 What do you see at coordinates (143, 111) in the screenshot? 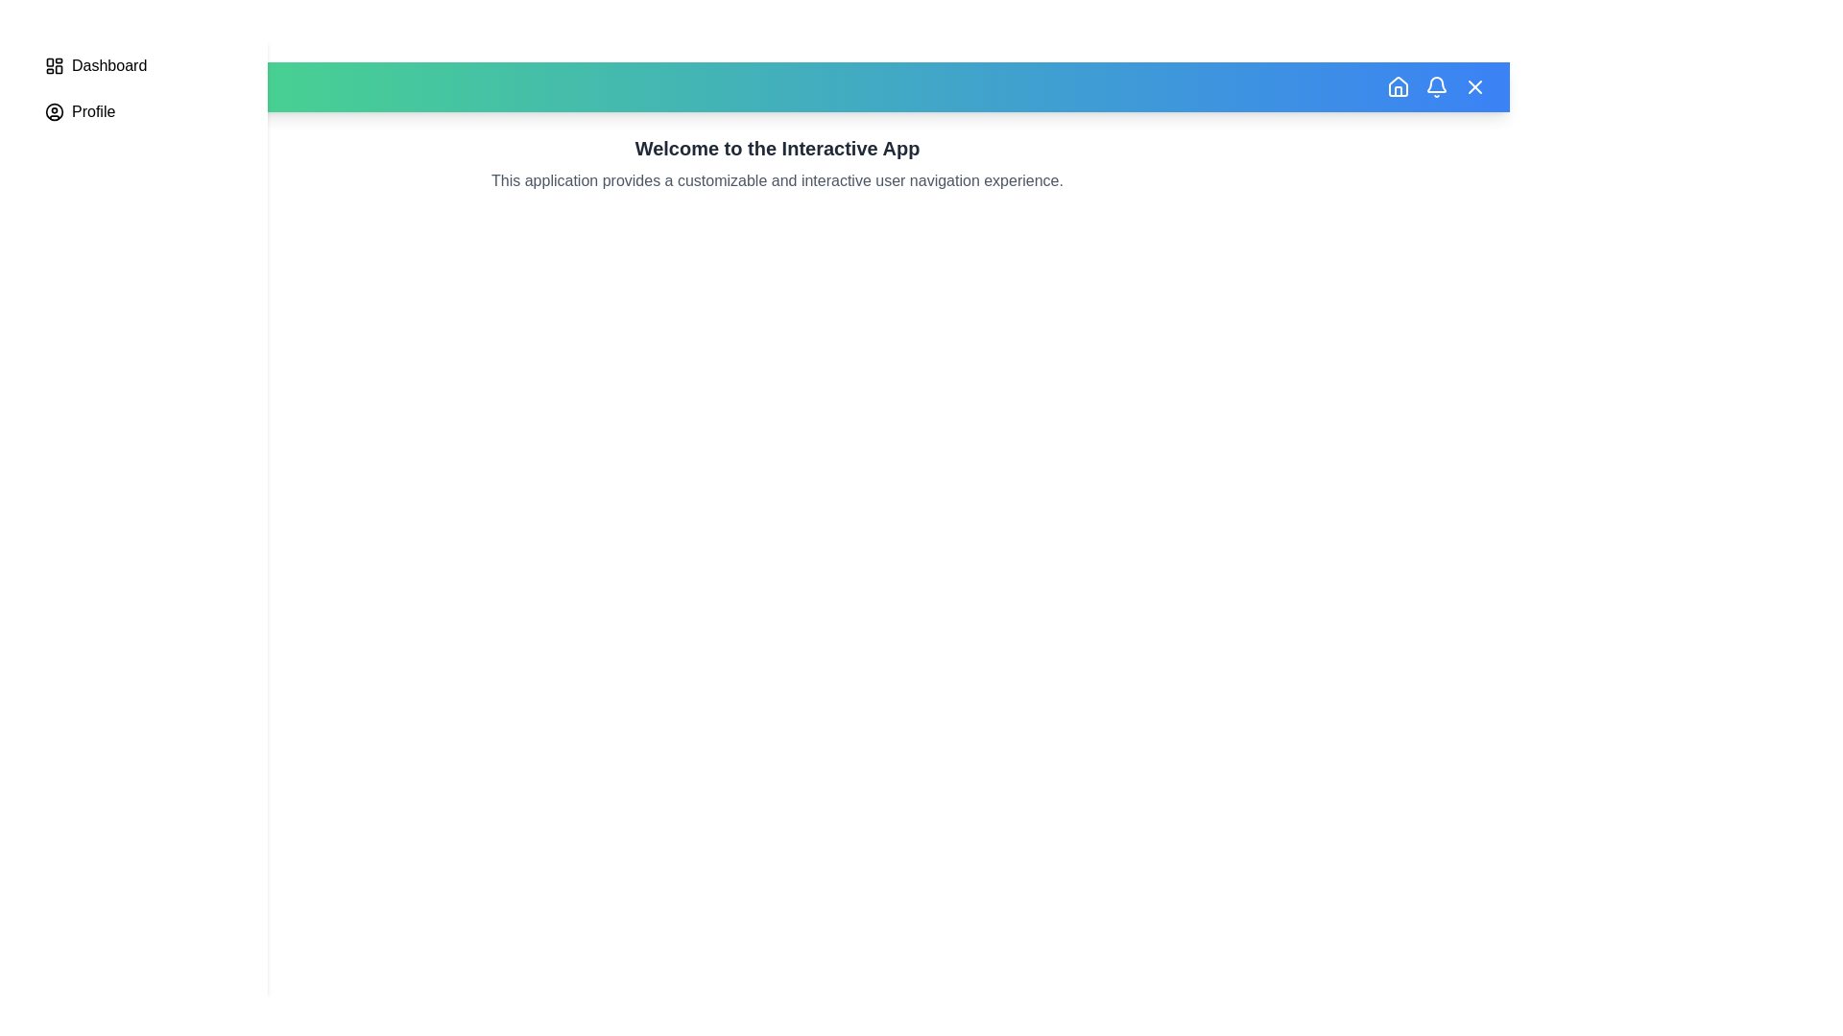
I see `the 'Profile' navigational link located beneath the 'Dashboard' element in the left-side navigation menu` at bounding box center [143, 111].